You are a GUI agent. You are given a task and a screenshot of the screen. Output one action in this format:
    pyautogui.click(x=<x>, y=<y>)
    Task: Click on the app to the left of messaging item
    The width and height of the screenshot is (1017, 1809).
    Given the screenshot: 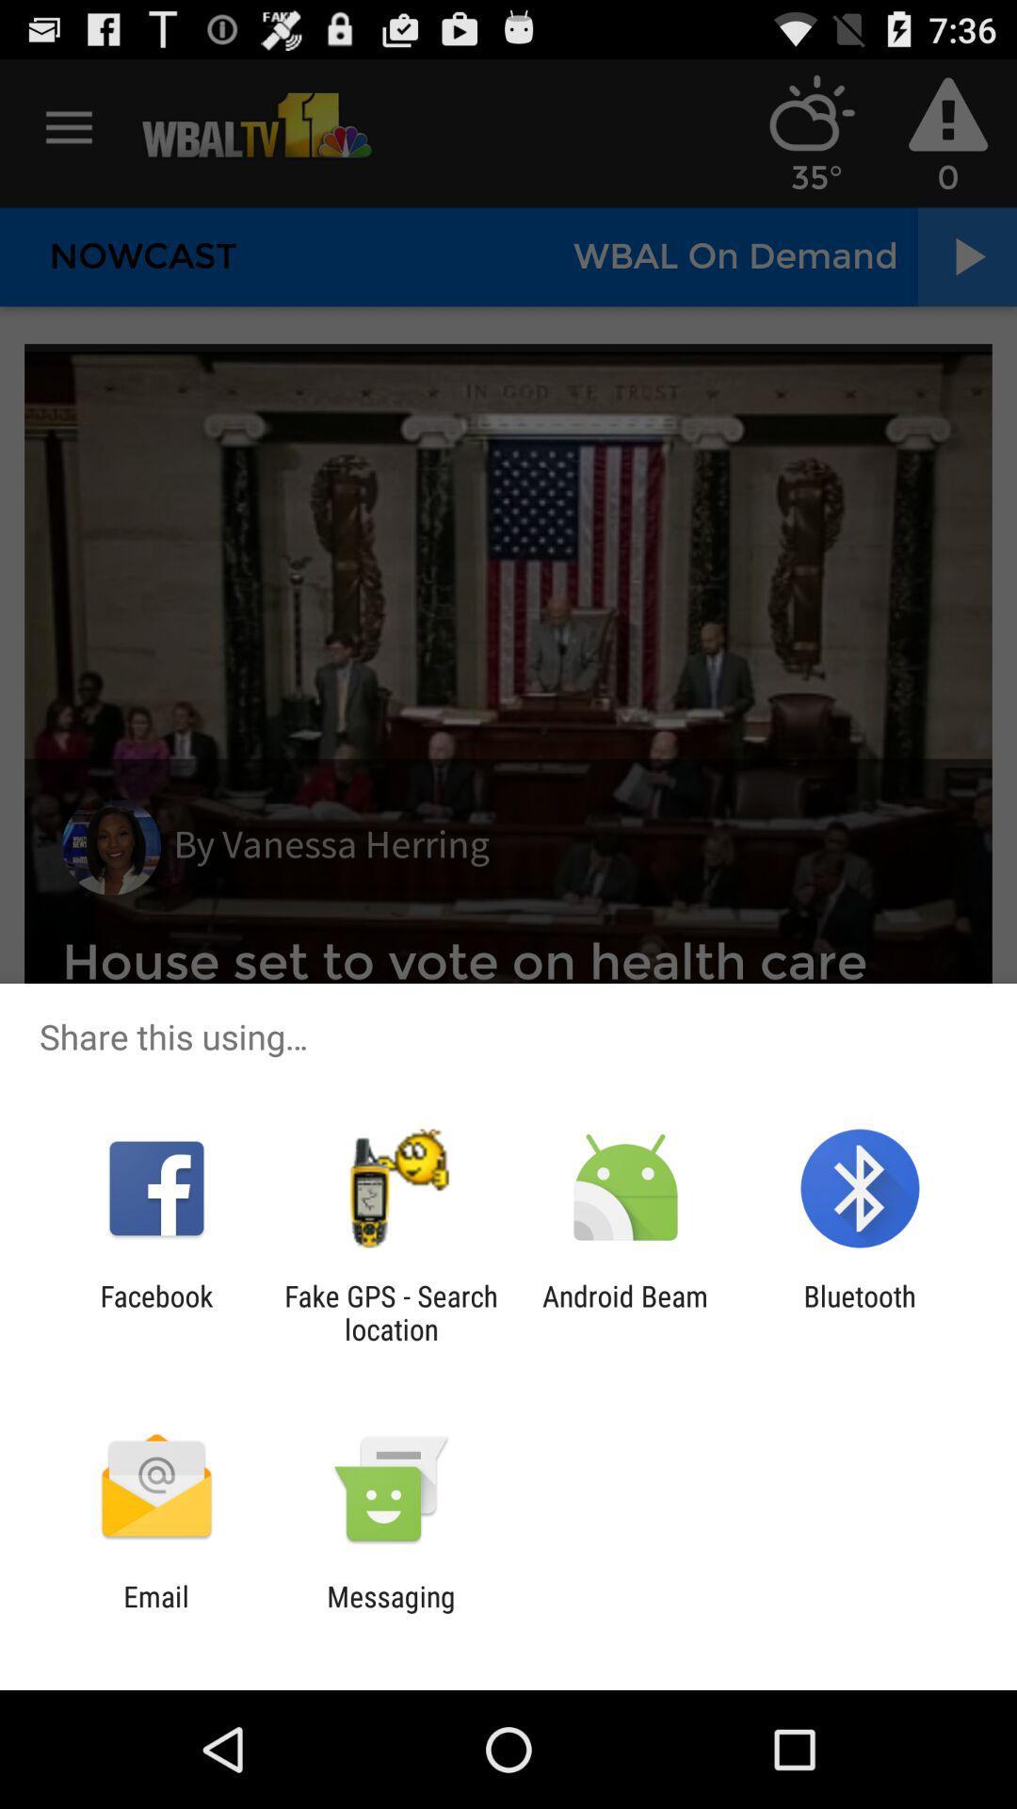 What is the action you would take?
    pyautogui.click(x=155, y=1612)
    